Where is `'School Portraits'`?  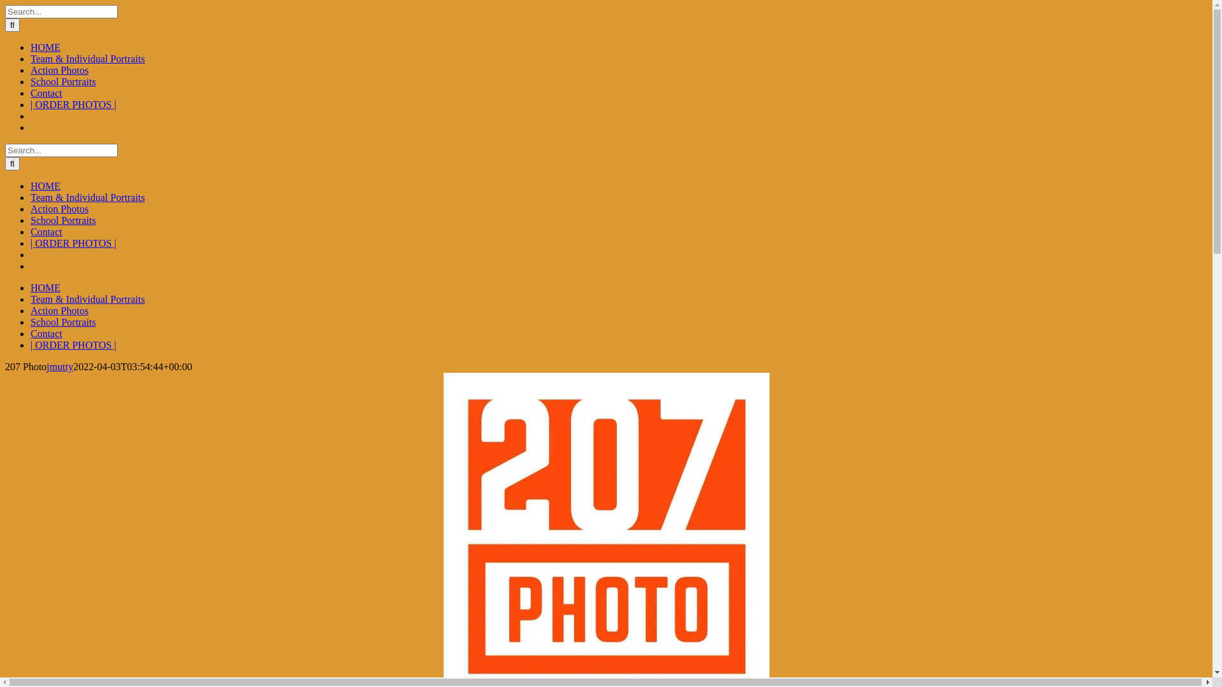
'School Portraits' is located at coordinates (62, 321).